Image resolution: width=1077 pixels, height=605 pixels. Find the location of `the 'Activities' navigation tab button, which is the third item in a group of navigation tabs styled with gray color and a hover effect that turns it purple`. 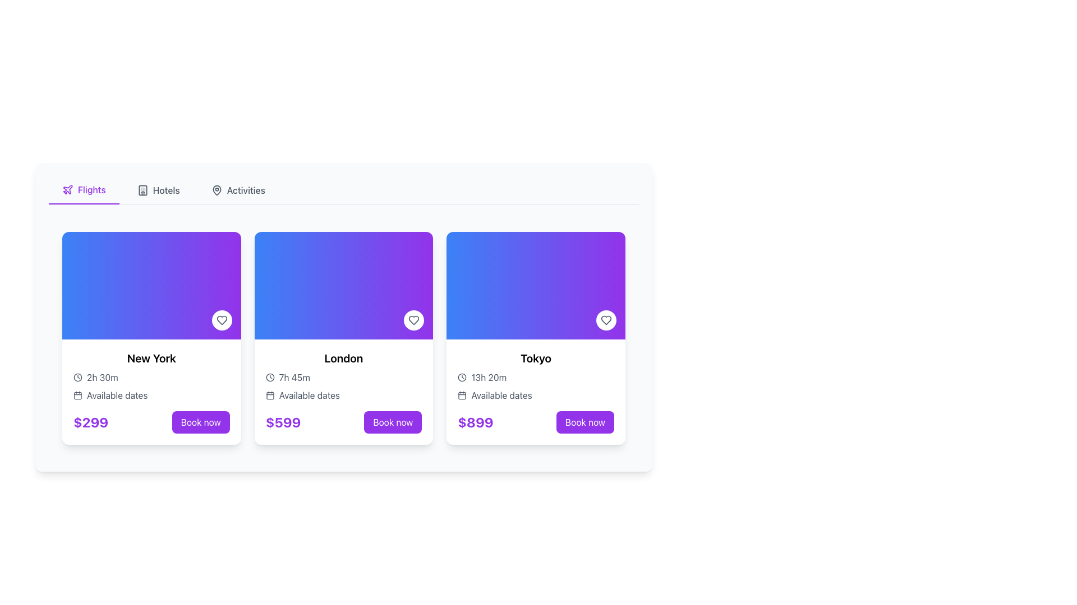

the 'Activities' navigation tab button, which is the third item in a group of navigation tabs styled with gray color and a hover effect that turns it purple is located at coordinates (237, 189).